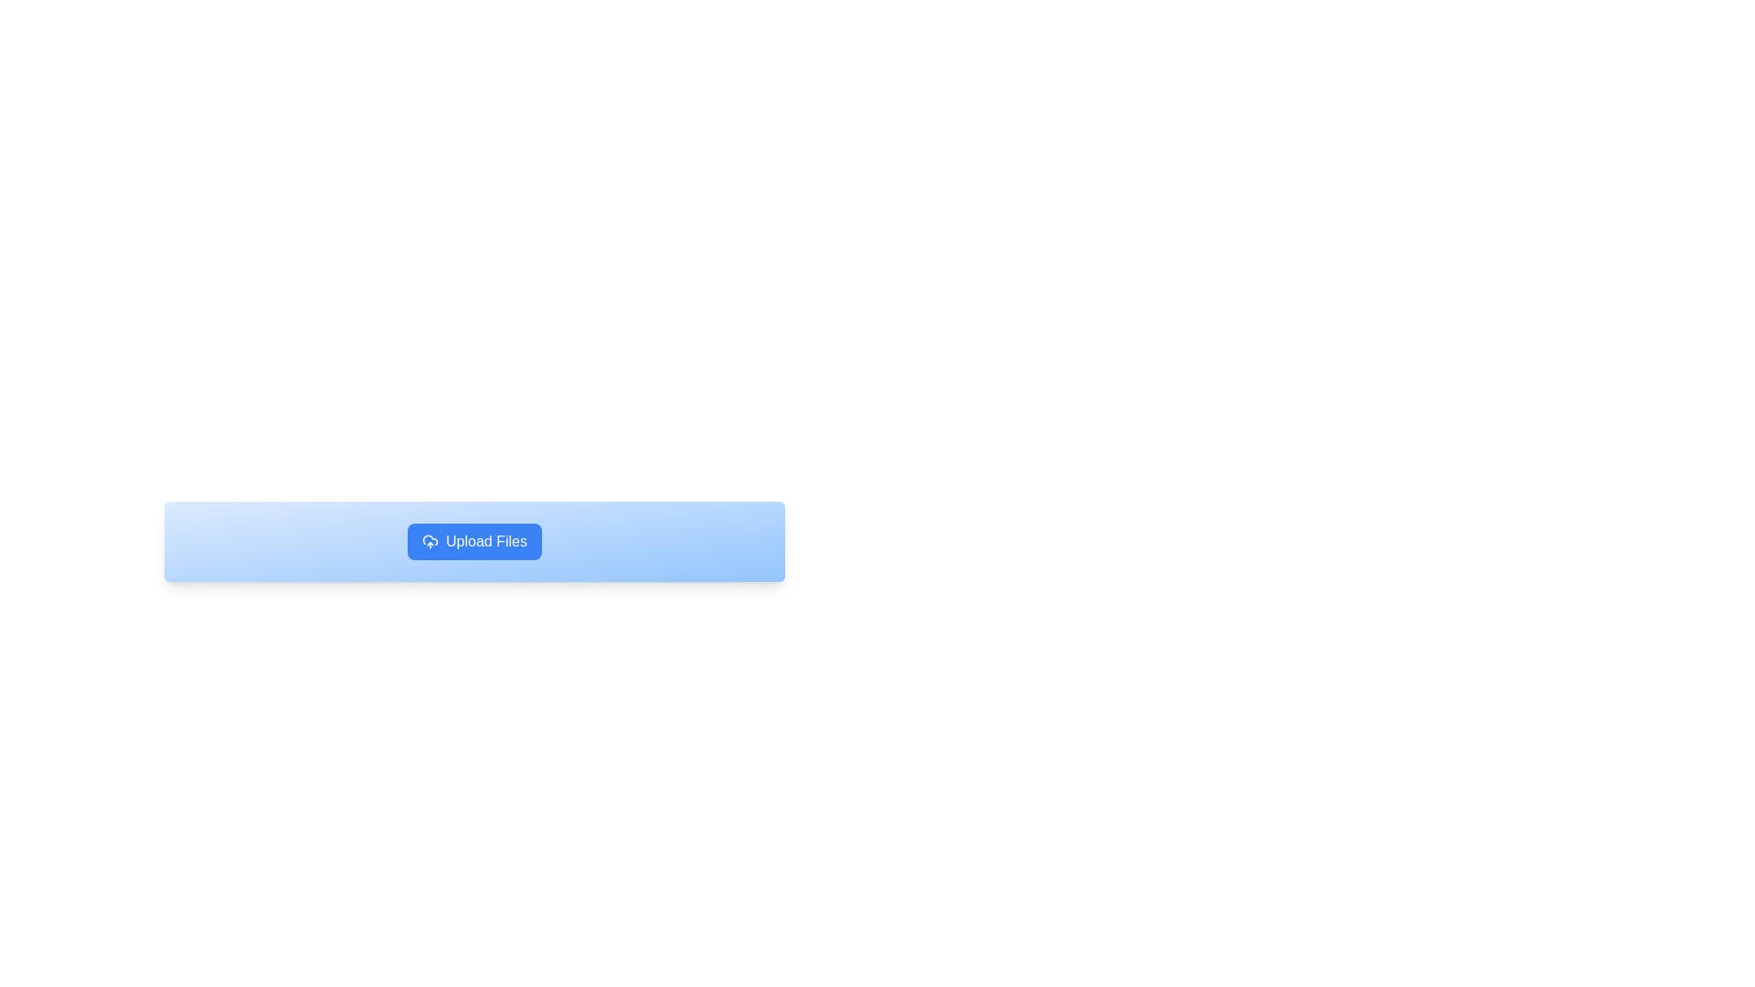  What do you see at coordinates (429, 539) in the screenshot?
I see `the top-left portion of the cloud icon, which is part of the 'Upload Files' button, characterized by its minimalistic blue and white design` at bounding box center [429, 539].